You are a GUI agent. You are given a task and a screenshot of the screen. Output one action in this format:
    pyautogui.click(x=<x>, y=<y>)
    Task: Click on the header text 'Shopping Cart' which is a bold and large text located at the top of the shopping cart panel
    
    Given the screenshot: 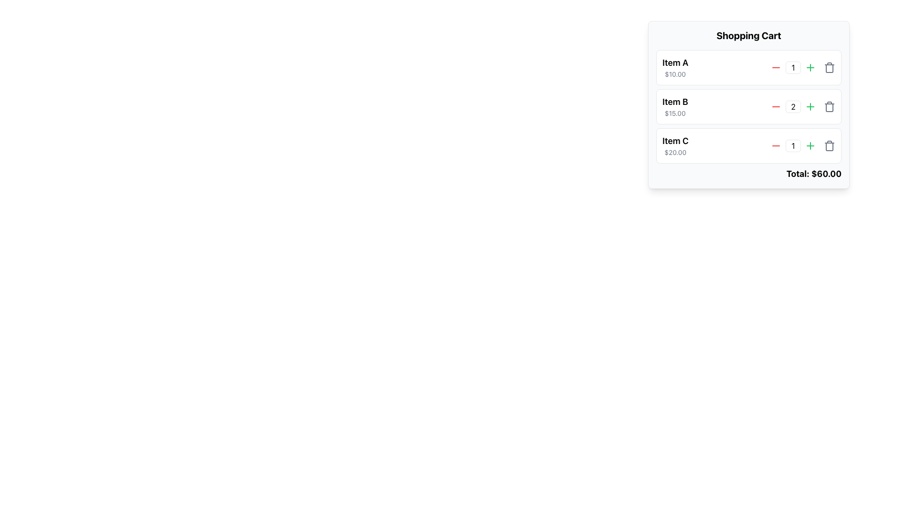 What is the action you would take?
    pyautogui.click(x=748, y=35)
    